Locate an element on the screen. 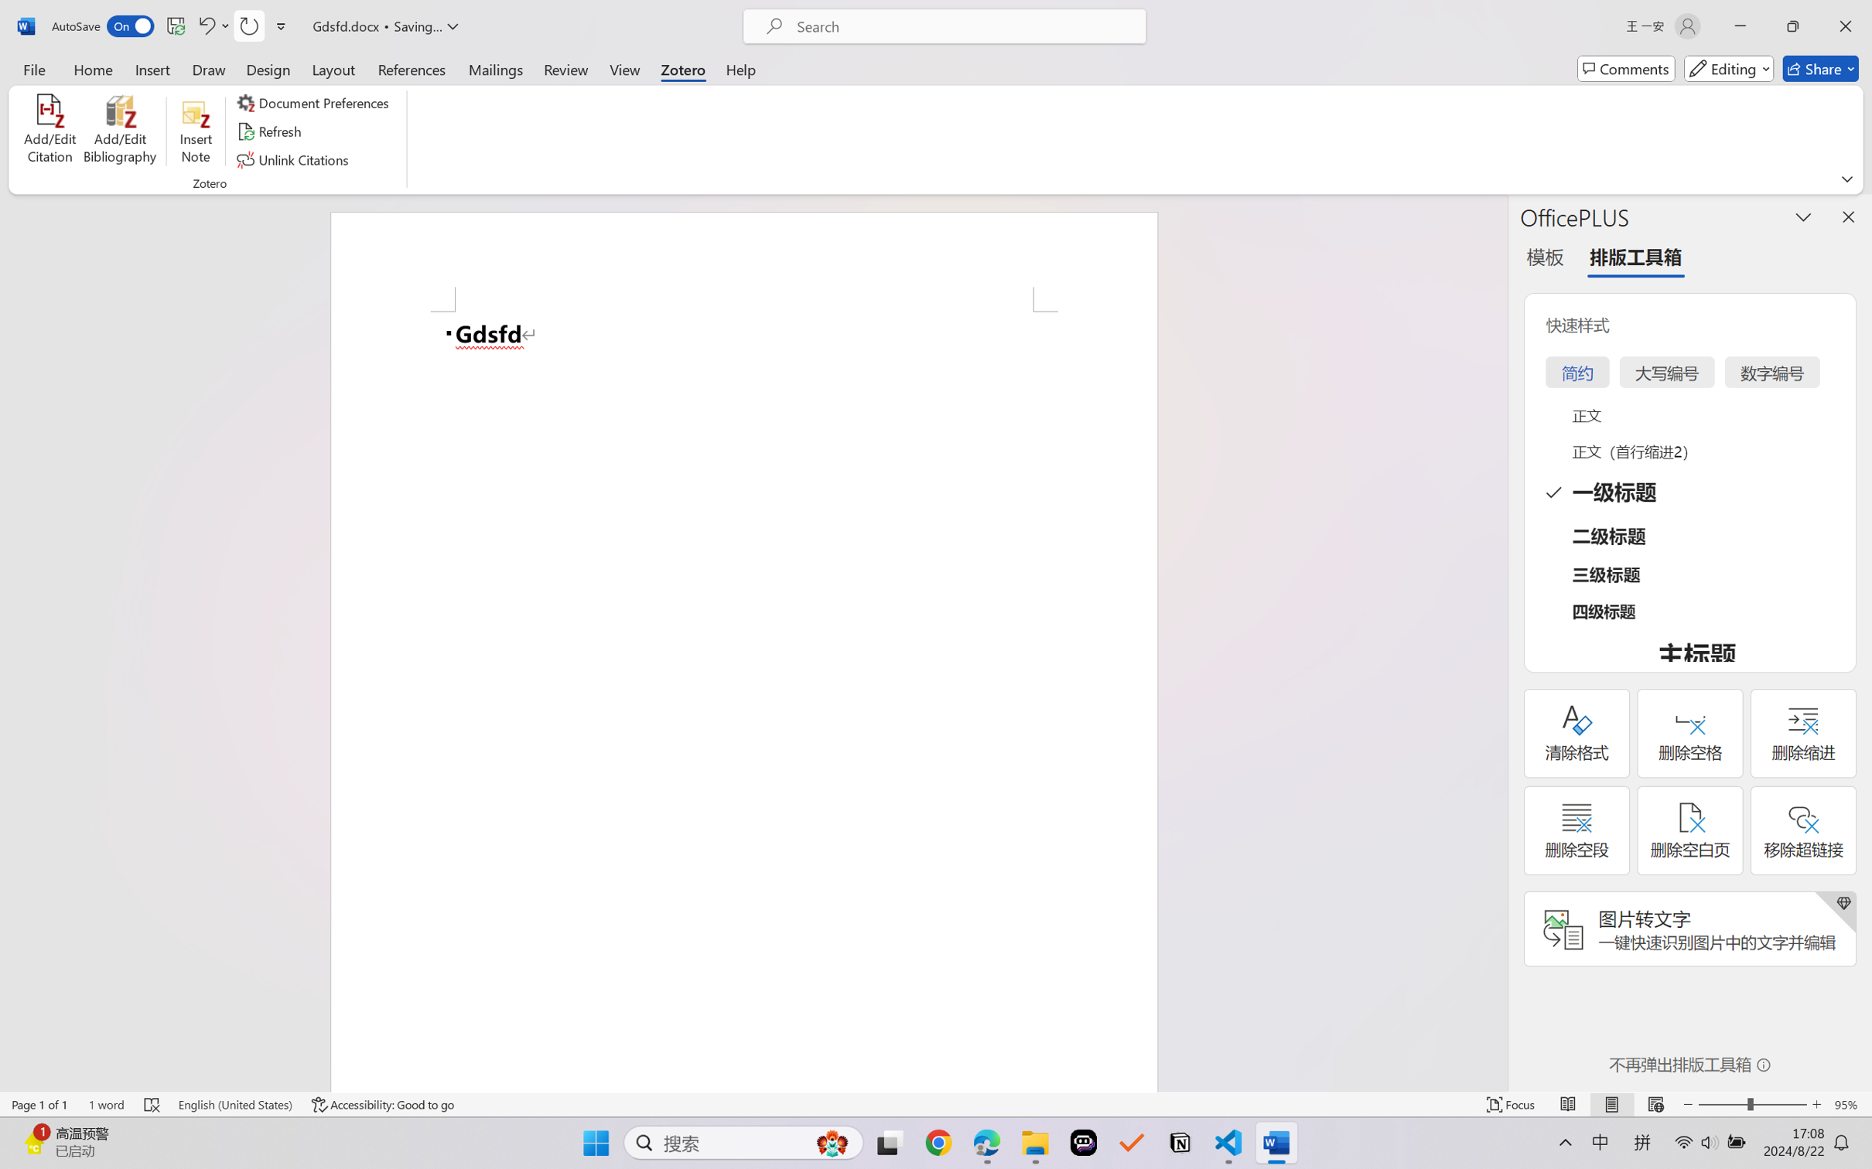 The image size is (1872, 1169). 'Add/Edit Bibliography' is located at coordinates (118, 131).